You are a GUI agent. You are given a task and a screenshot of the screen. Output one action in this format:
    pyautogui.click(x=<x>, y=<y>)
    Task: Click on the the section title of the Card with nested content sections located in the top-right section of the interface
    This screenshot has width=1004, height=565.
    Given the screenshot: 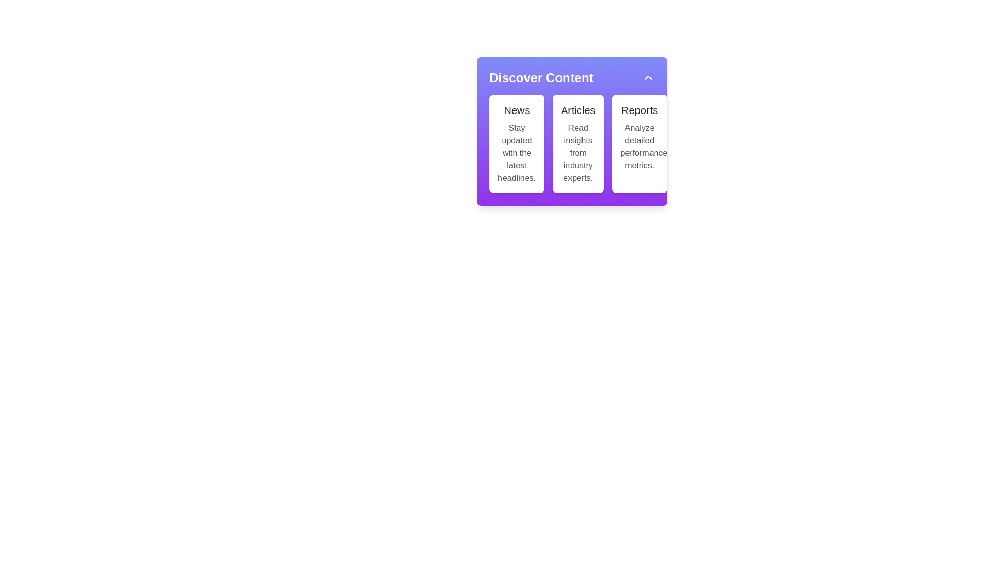 What is the action you would take?
    pyautogui.click(x=572, y=129)
    